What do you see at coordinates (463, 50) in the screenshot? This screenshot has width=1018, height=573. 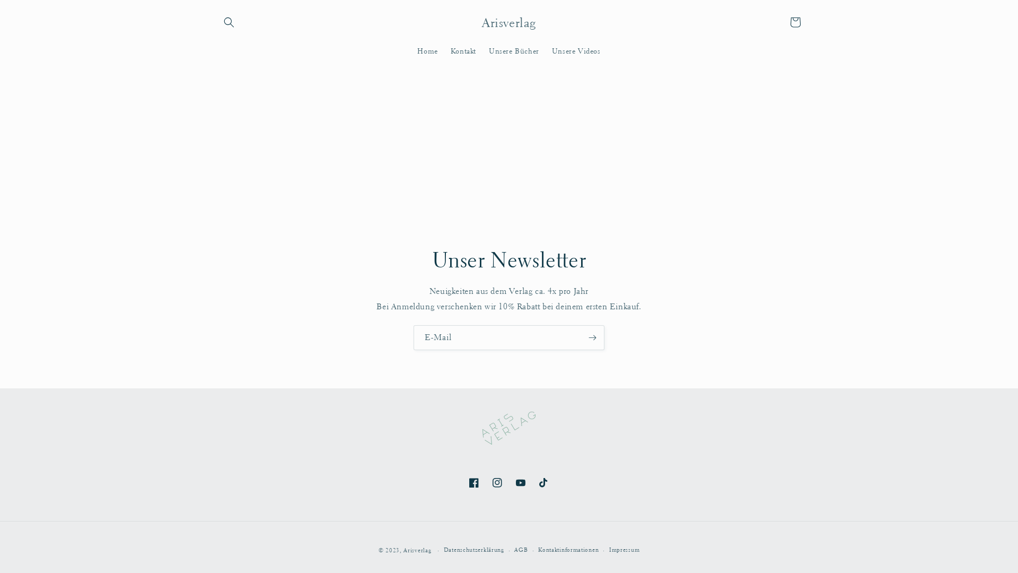 I see `'Kontakt'` at bounding box center [463, 50].